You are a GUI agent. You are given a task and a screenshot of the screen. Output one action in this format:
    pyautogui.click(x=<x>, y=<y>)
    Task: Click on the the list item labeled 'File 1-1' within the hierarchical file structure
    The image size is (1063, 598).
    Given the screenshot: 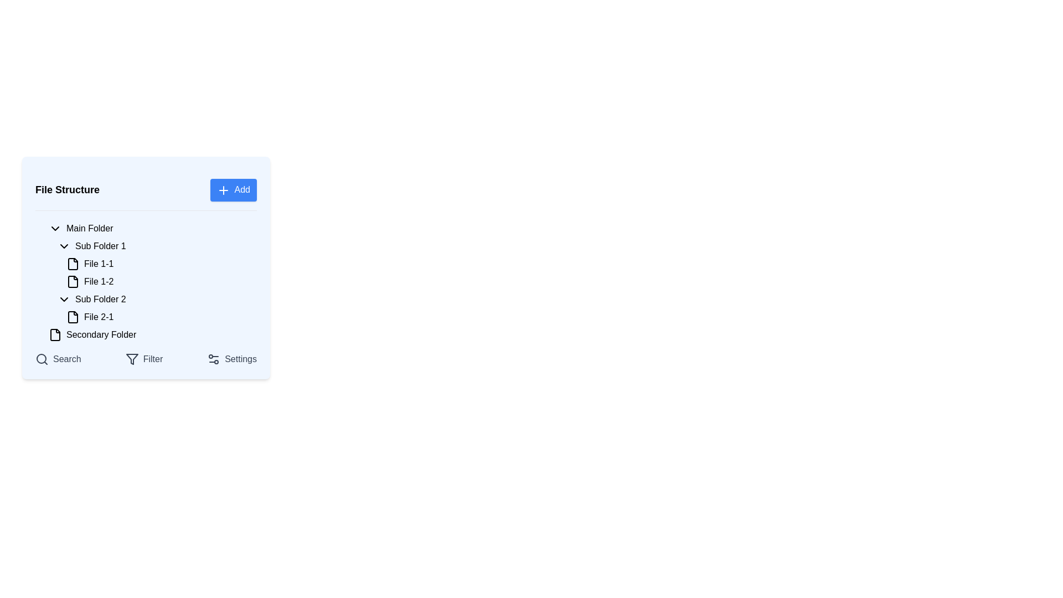 What is the action you would take?
    pyautogui.click(x=146, y=267)
    